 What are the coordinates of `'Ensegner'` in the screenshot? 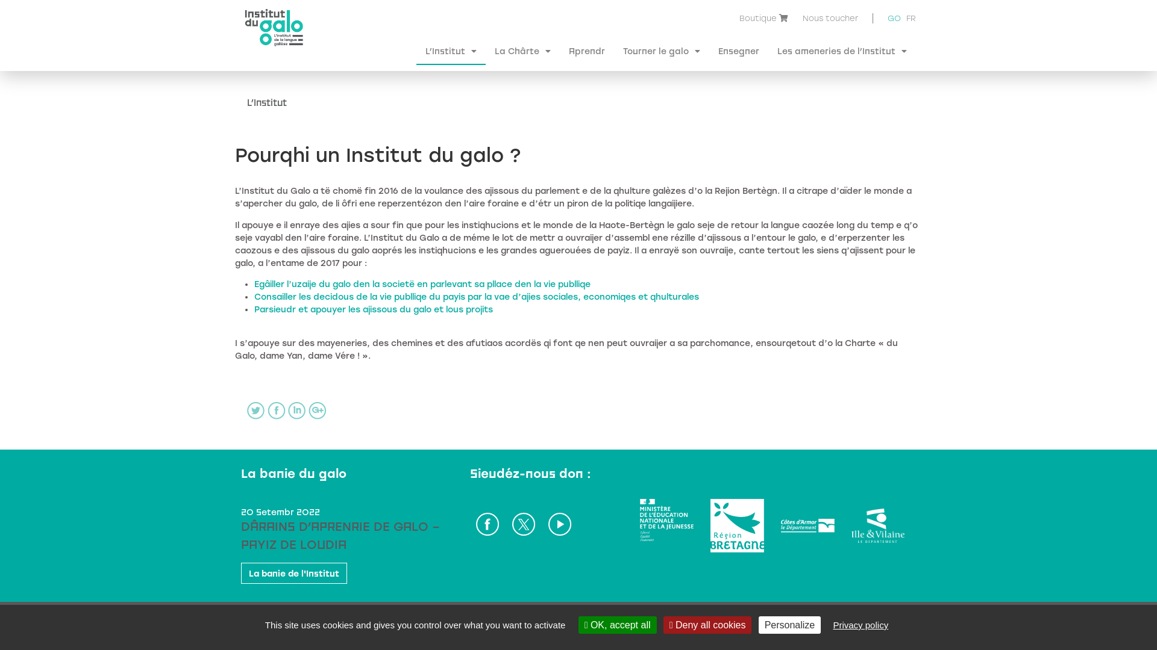 It's located at (738, 50).